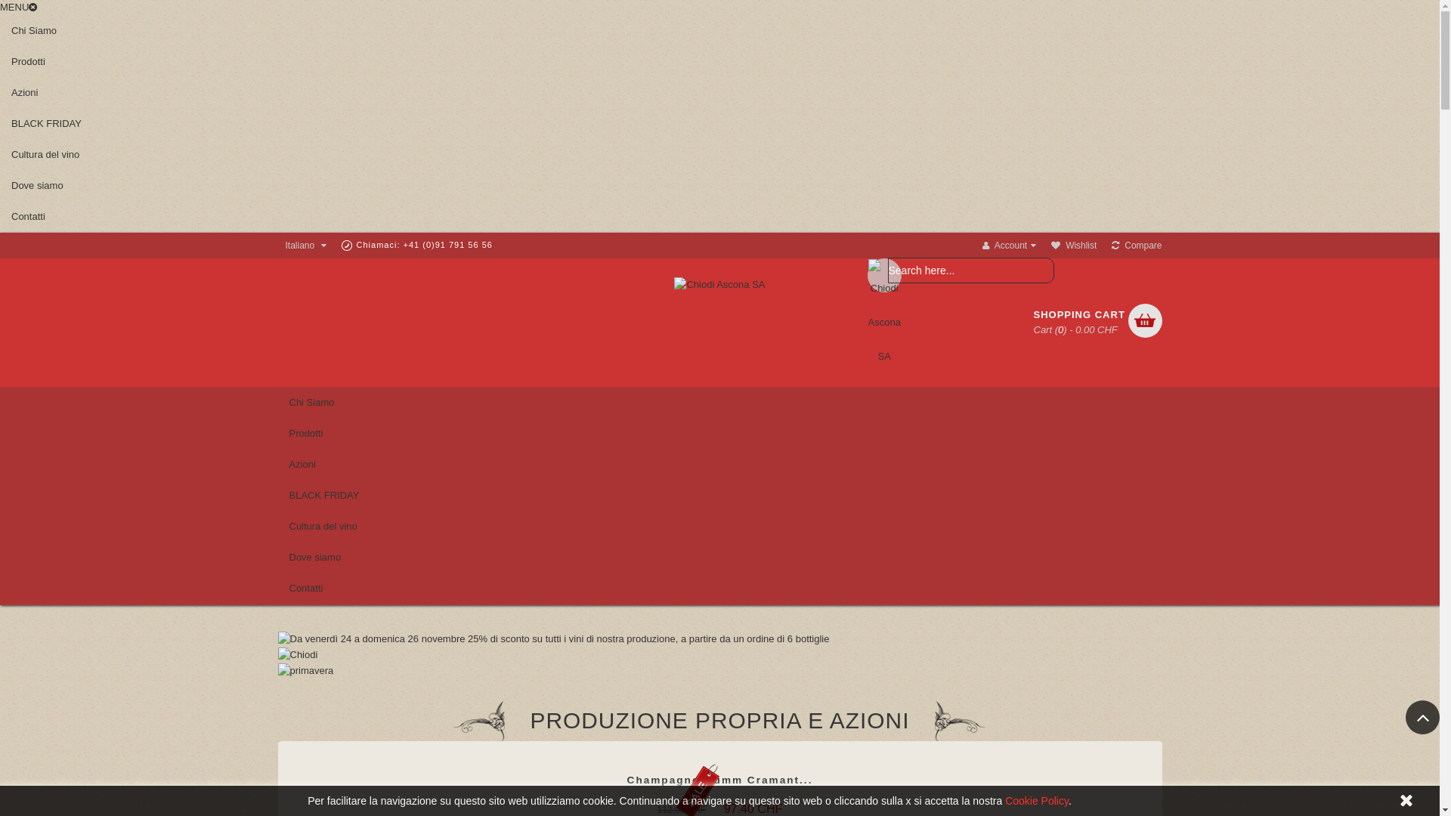 The image size is (1451, 816). What do you see at coordinates (1111, 244) in the screenshot?
I see `'Compare'` at bounding box center [1111, 244].